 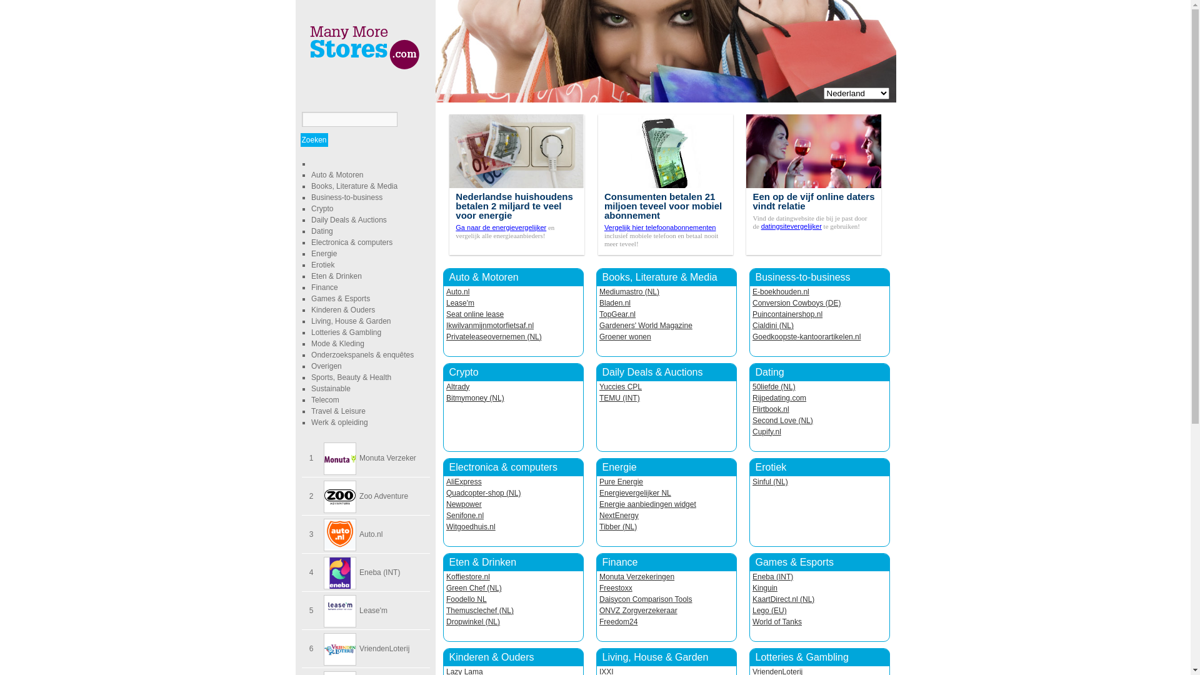 I want to click on 'Crypto', so click(x=322, y=208).